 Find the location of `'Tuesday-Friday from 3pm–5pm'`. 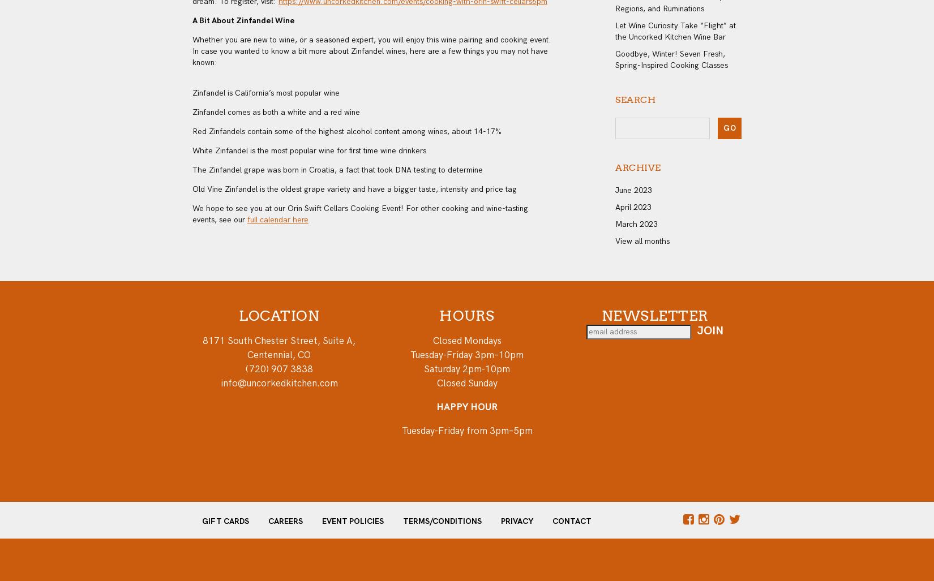

'Tuesday-Friday from 3pm–5pm' is located at coordinates (466, 430).